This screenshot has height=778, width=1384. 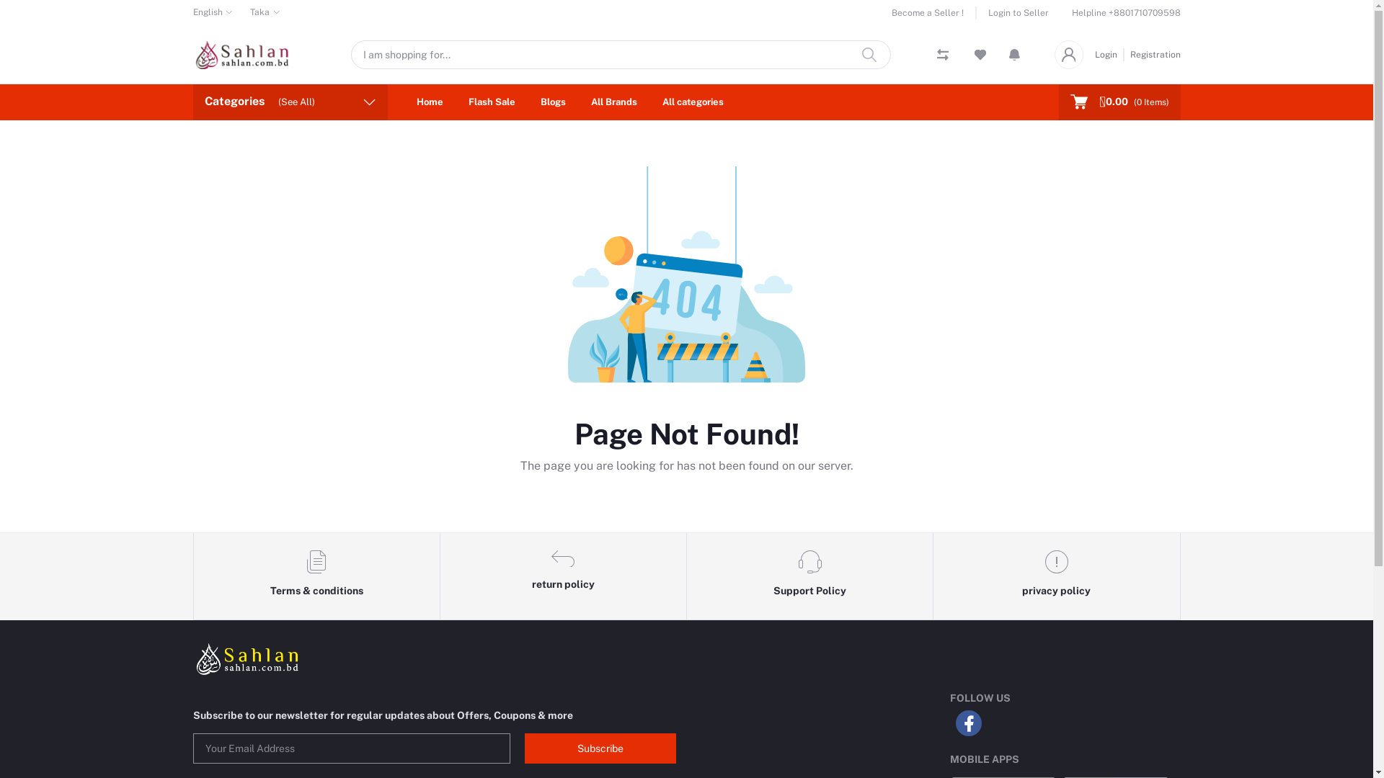 I want to click on 'Become a Seller !', so click(x=933, y=13).